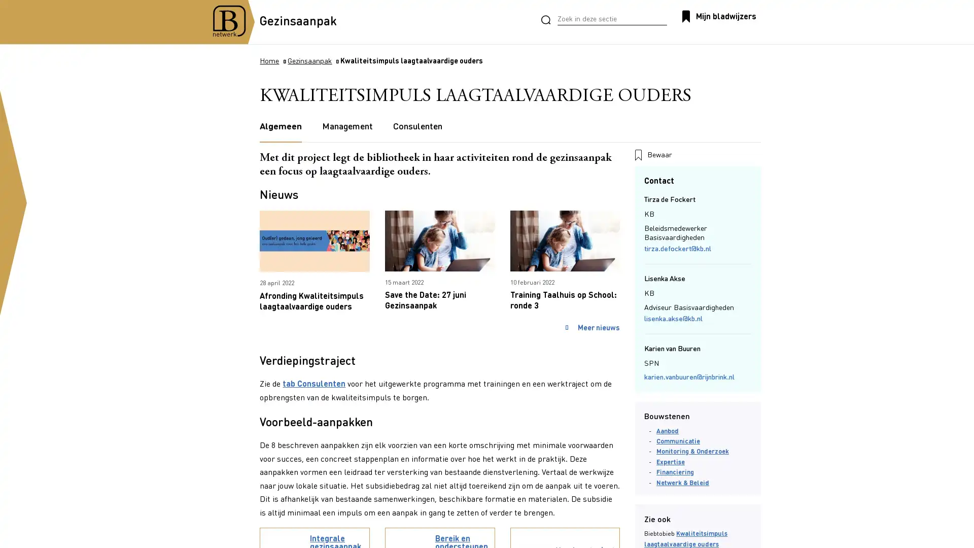 This screenshot has width=974, height=548. What do you see at coordinates (546, 17) in the screenshot?
I see `Zoeken` at bounding box center [546, 17].